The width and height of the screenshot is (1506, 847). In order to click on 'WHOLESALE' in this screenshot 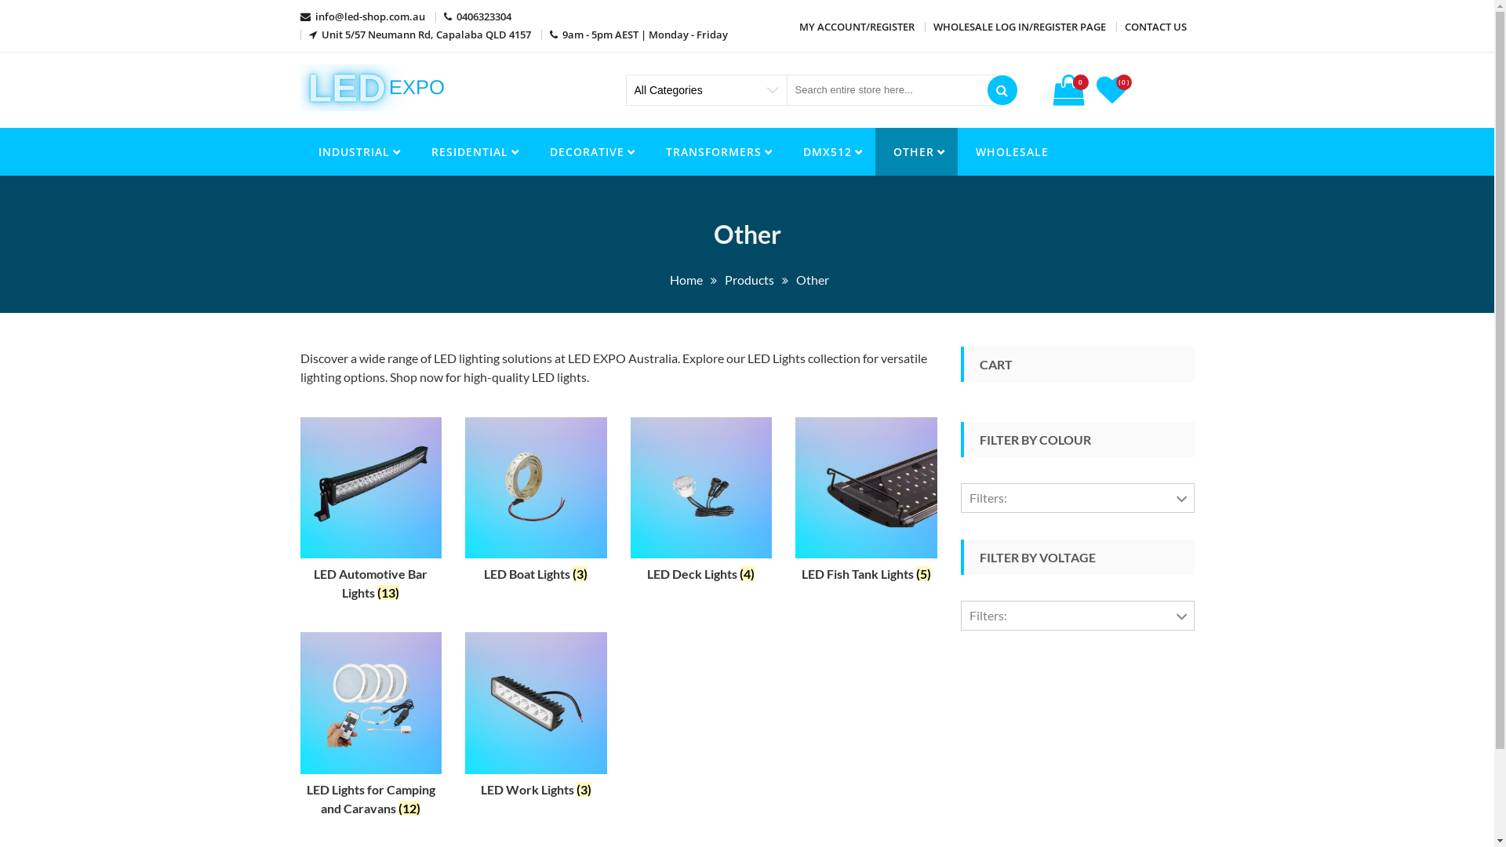, I will do `click(1011, 151)`.